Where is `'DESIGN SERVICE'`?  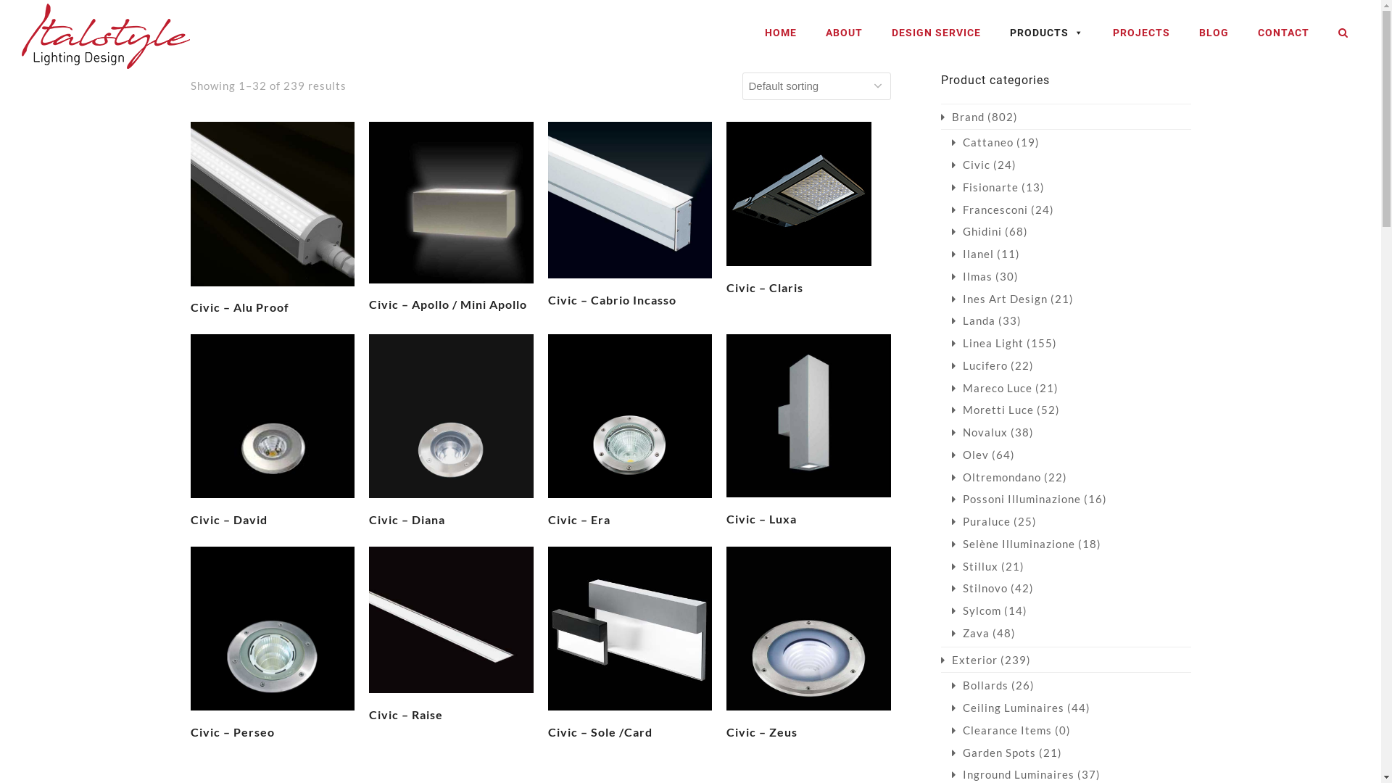 'DESIGN SERVICE' is located at coordinates (936, 33).